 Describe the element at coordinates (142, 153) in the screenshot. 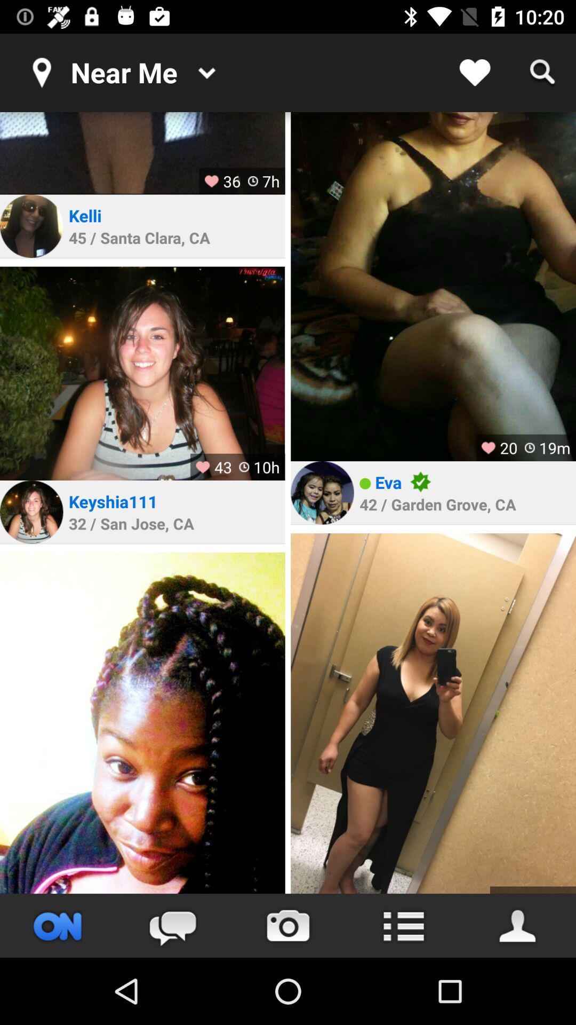

I see `the image` at that location.